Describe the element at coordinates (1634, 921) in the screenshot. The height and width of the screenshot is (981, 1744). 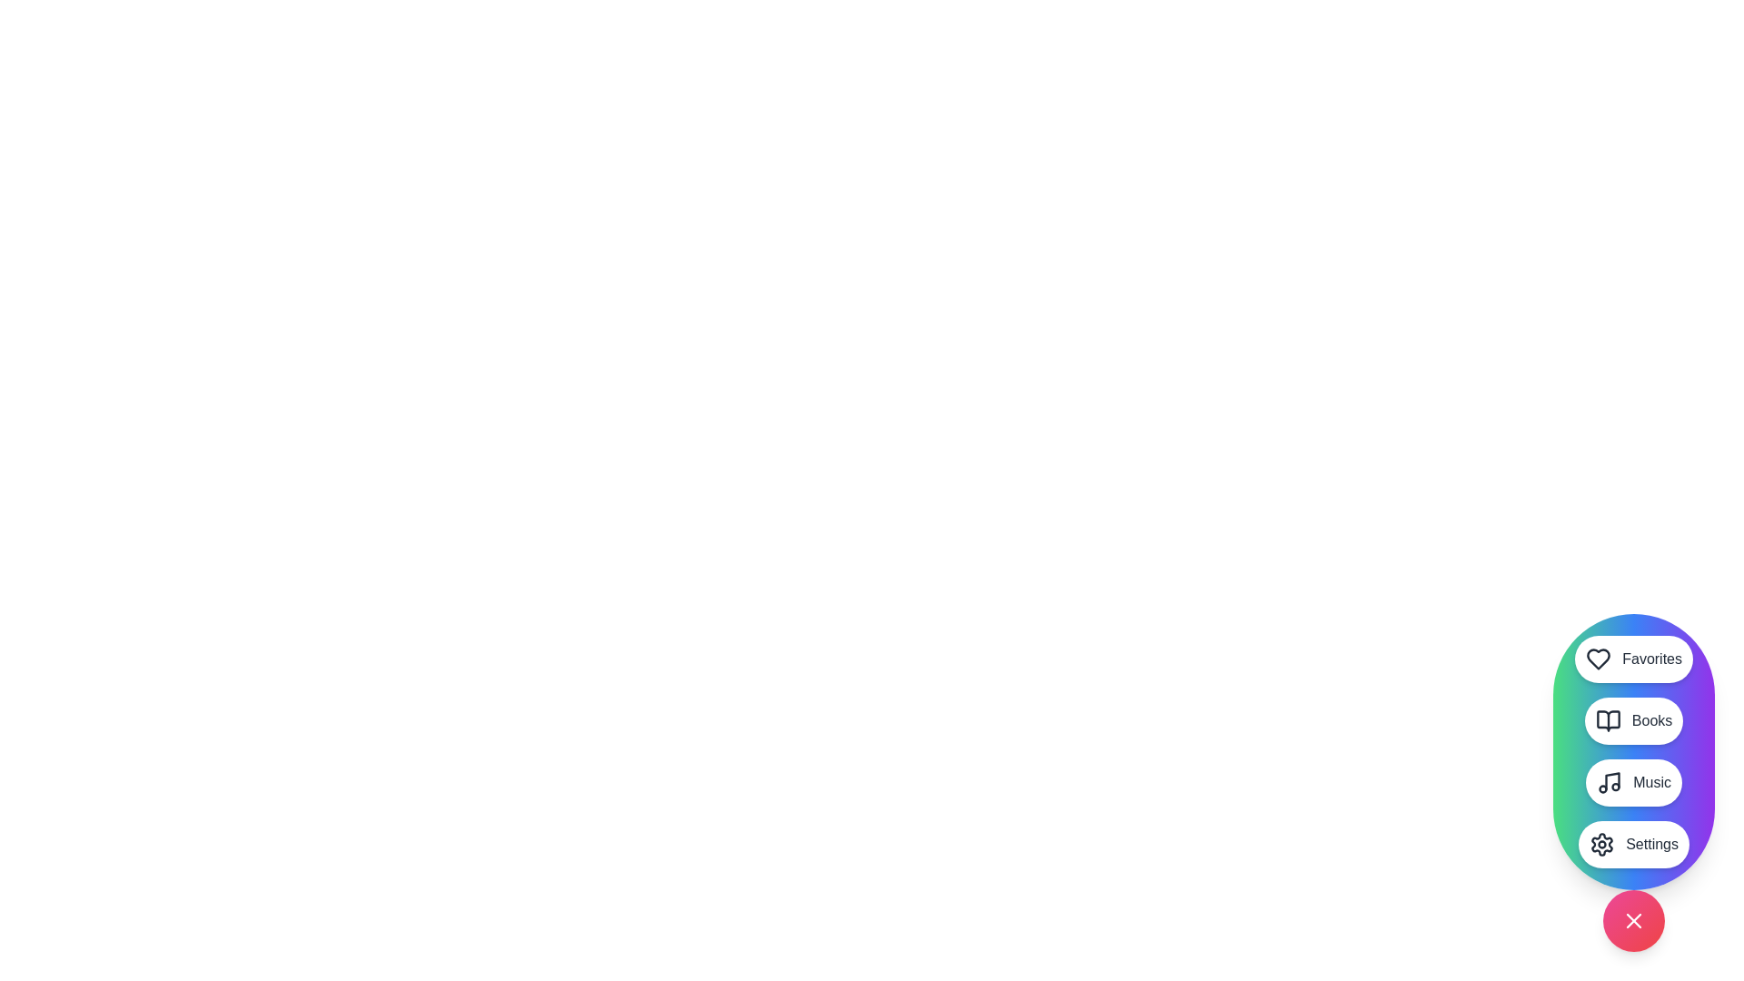
I see `floating action button located at the bottom-right corner of the screen` at that location.